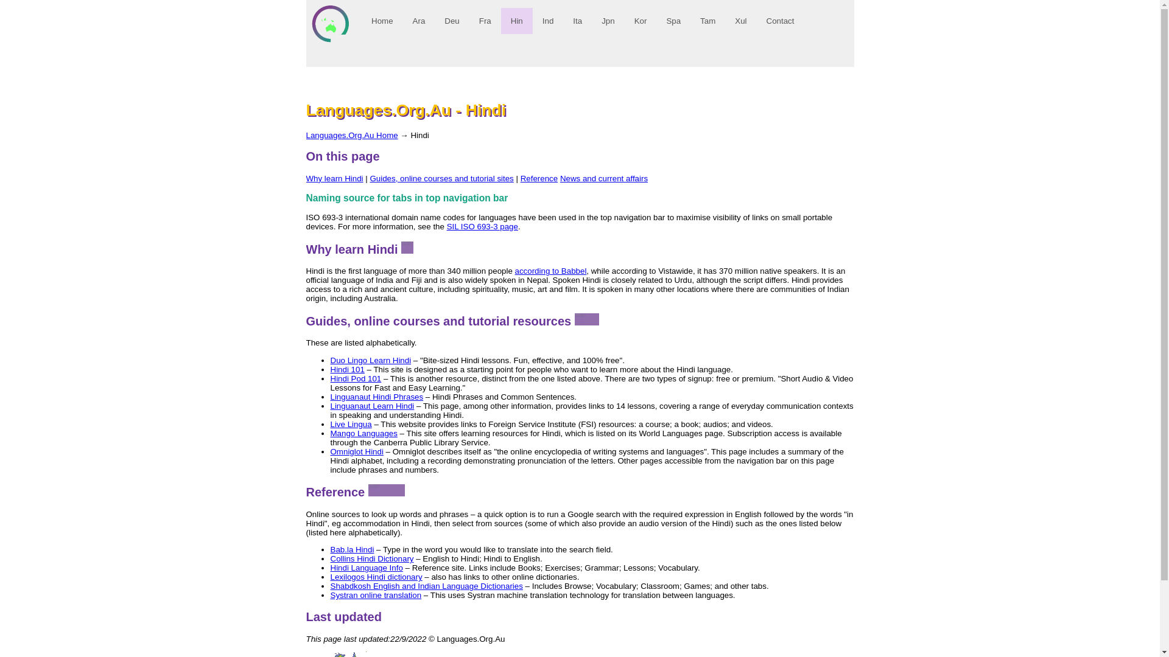 The height and width of the screenshot is (657, 1169). What do you see at coordinates (639, 21) in the screenshot?
I see `'Kor'` at bounding box center [639, 21].